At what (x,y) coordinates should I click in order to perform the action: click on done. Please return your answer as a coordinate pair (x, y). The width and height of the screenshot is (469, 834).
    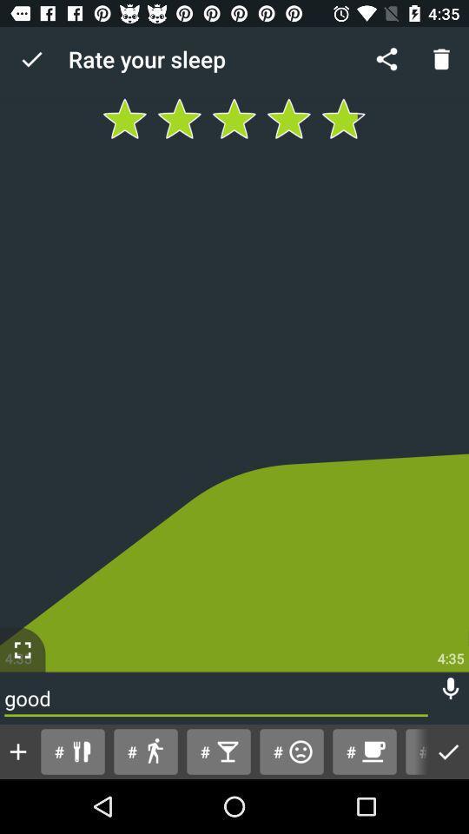
    Looking at the image, I should click on (448, 751).